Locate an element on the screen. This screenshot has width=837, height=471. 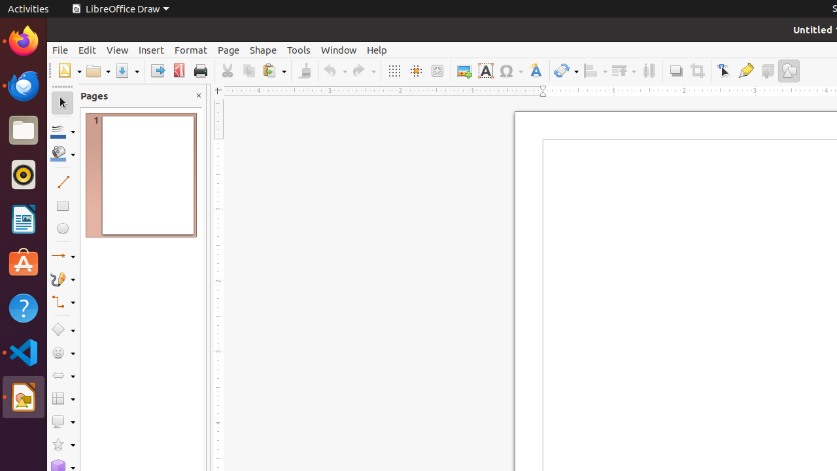
'View' is located at coordinates (117, 49).